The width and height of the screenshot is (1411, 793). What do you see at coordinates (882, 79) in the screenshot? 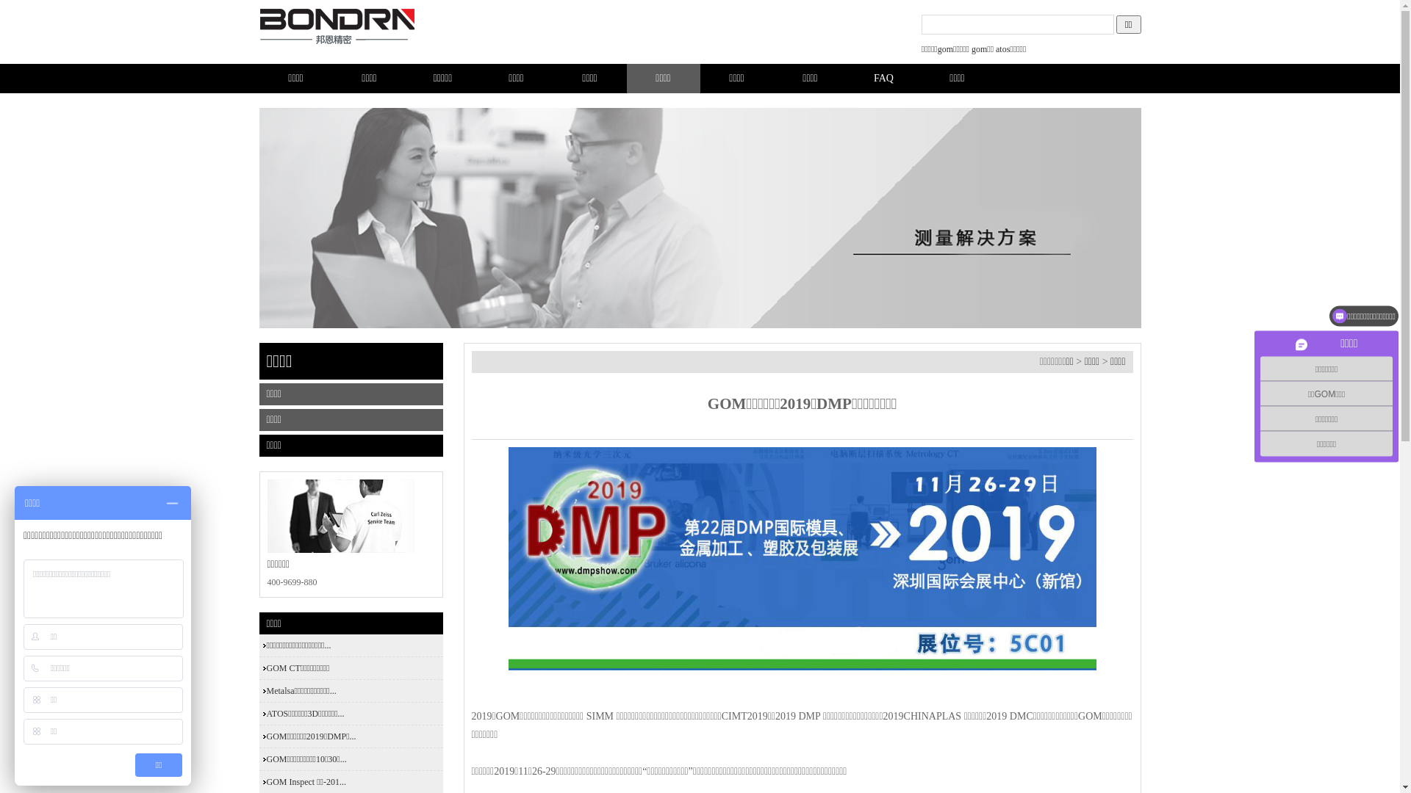
I see `'FAQ'` at bounding box center [882, 79].